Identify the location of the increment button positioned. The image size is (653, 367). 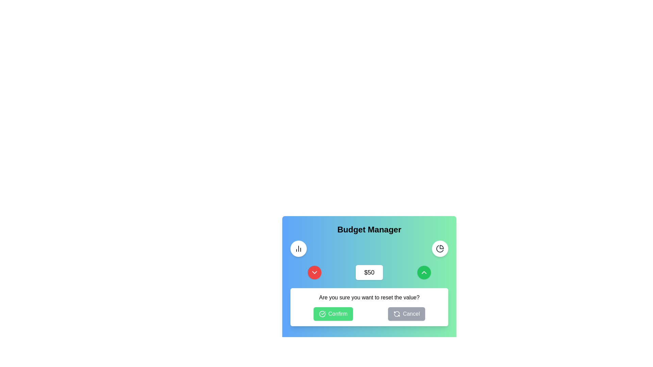
(424, 272).